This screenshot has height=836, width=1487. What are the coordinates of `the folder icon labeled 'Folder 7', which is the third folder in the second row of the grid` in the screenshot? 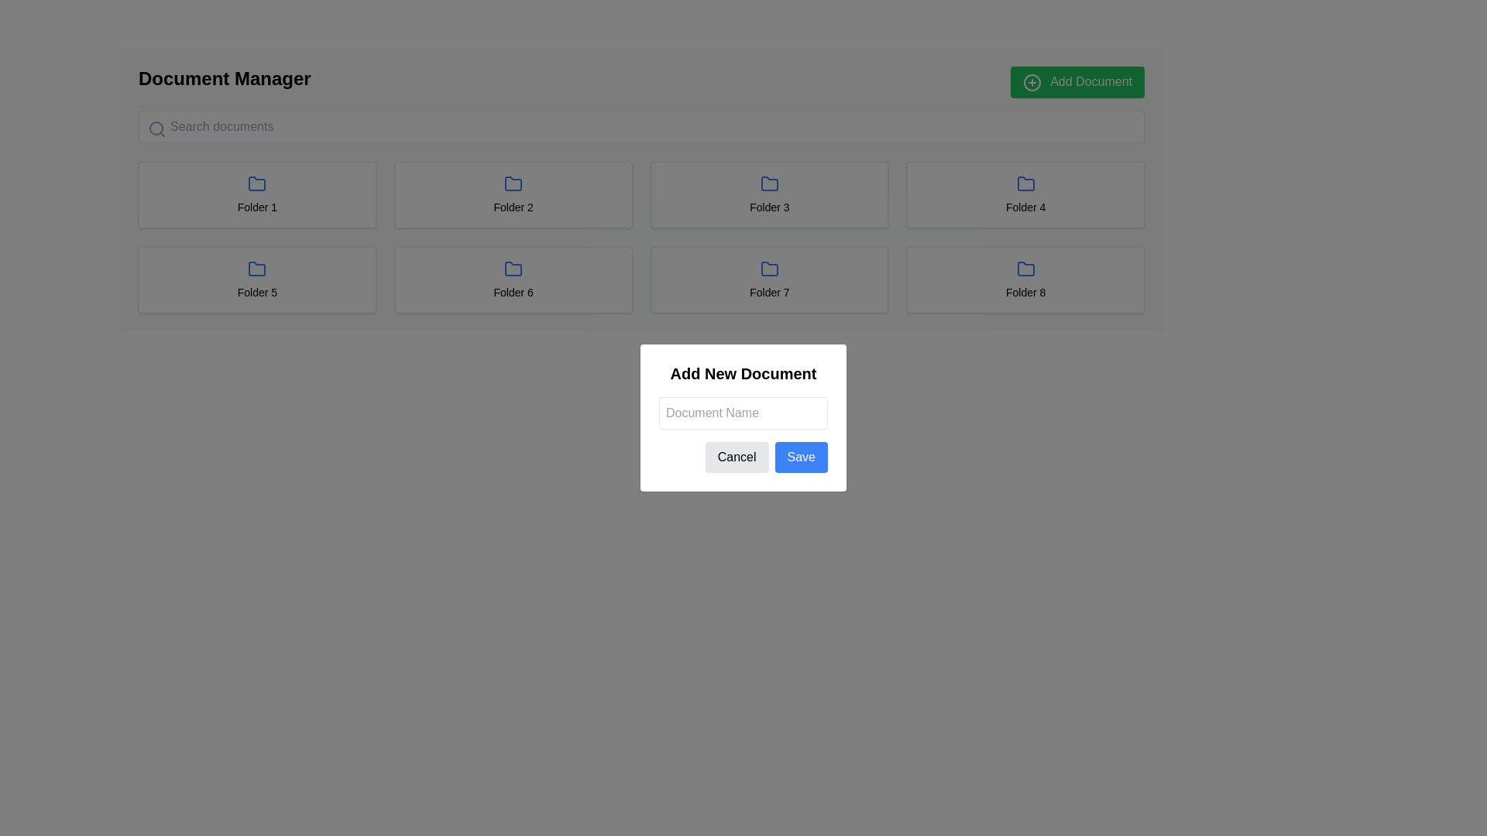 It's located at (769, 268).